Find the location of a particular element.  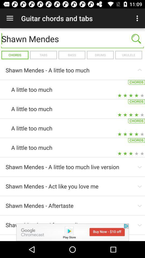

make a search is located at coordinates (136, 38).